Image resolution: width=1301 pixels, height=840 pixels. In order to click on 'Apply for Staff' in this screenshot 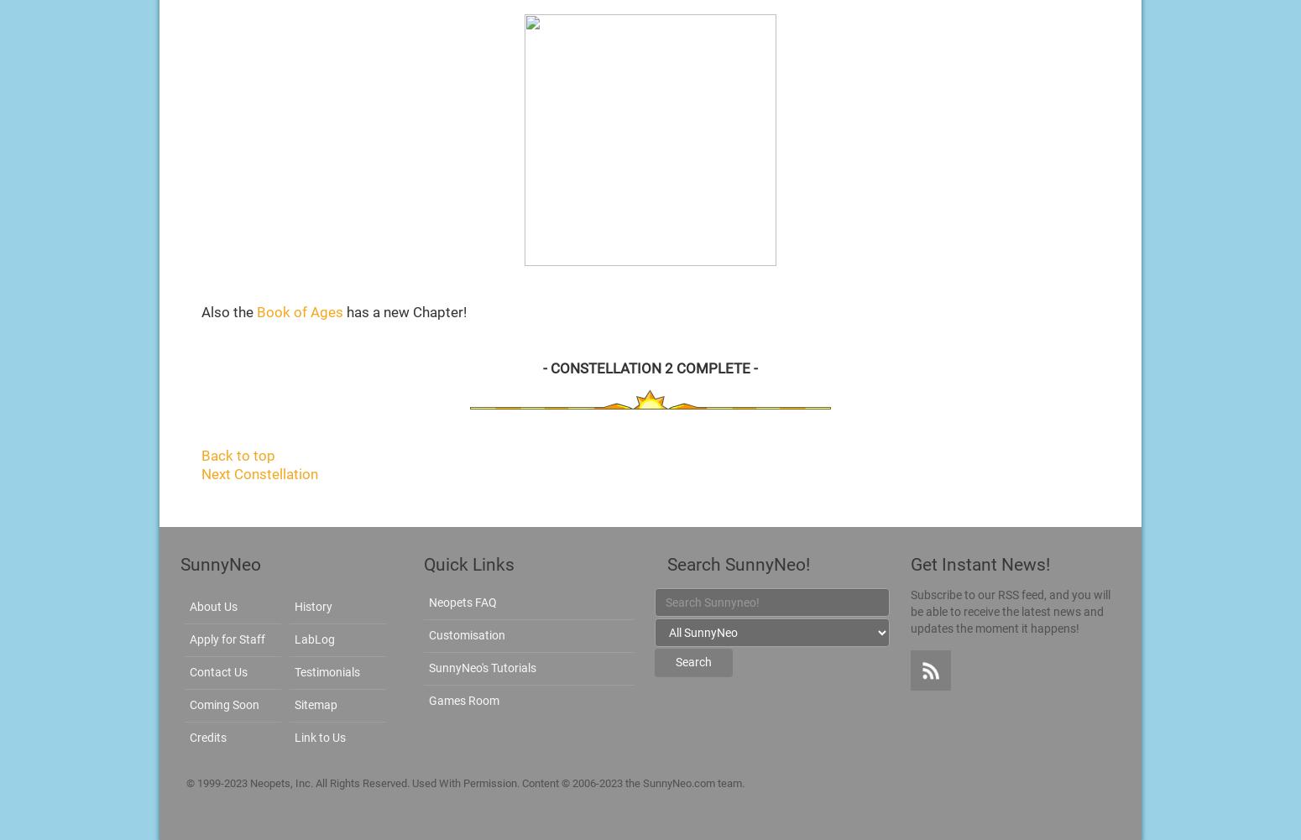, I will do `click(188, 639)`.